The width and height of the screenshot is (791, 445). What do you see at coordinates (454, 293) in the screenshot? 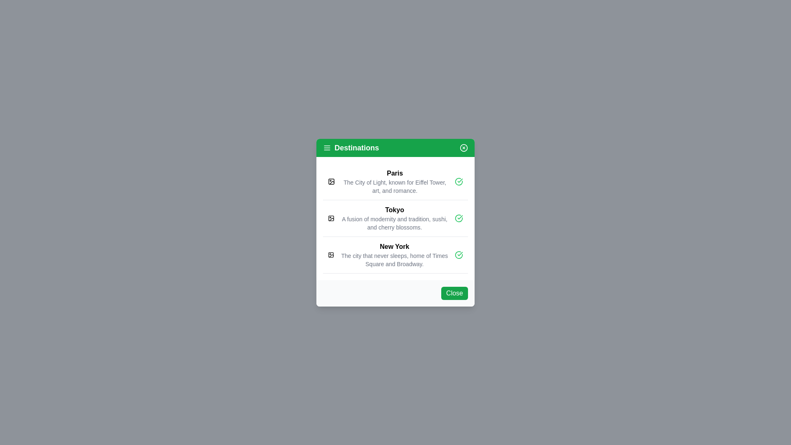
I see `the 'Close' button with a green background located at the bottom right corner of the modal dialog` at bounding box center [454, 293].